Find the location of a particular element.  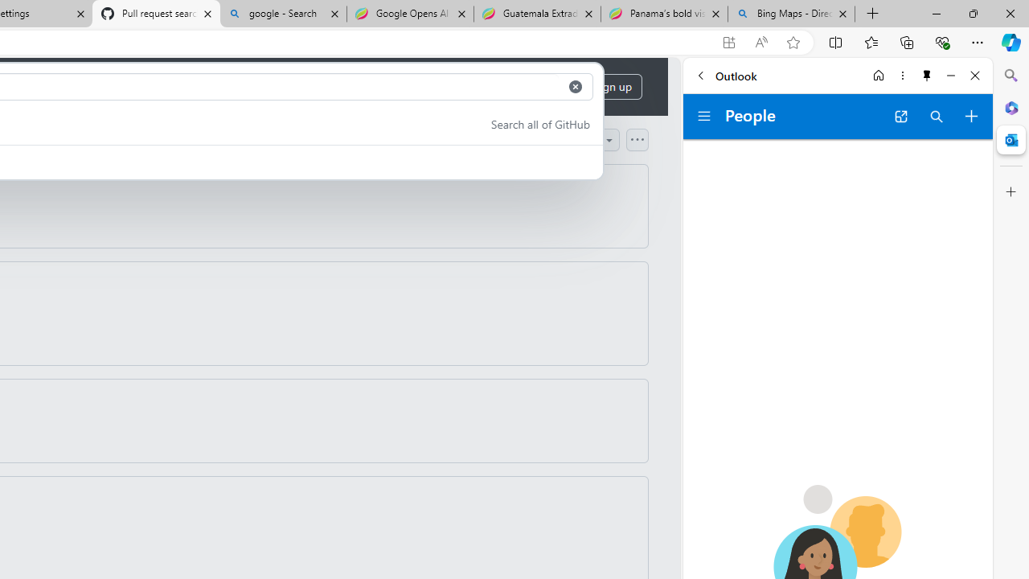

'Open column options' is located at coordinates (636, 138).